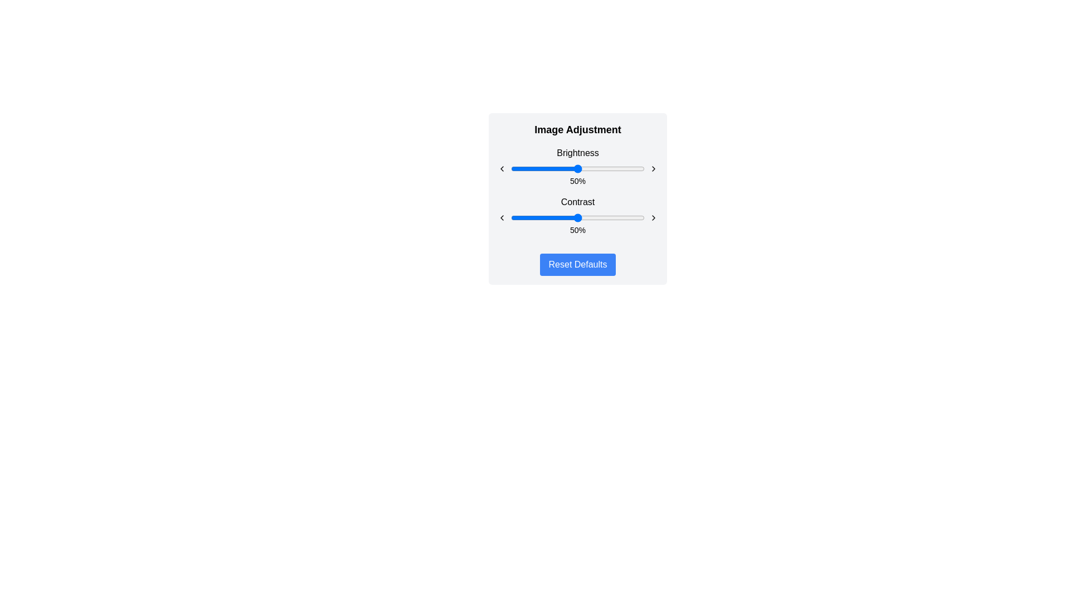 The height and width of the screenshot is (602, 1070). What do you see at coordinates (522, 217) in the screenshot?
I see `contrast` at bounding box center [522, 217].